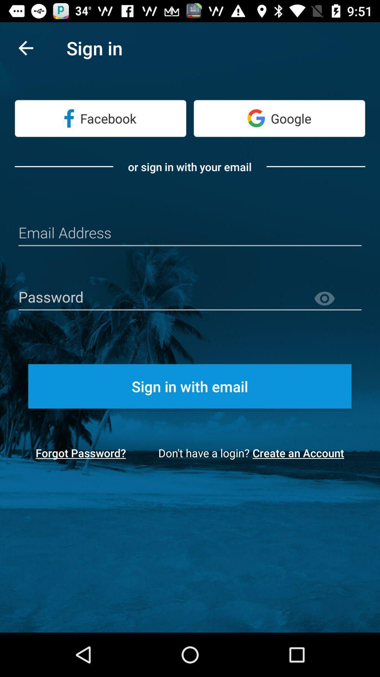  What do you see at coordinates (190, 233) in the screenshot?
I see `email` at bounding box center [190, 233].